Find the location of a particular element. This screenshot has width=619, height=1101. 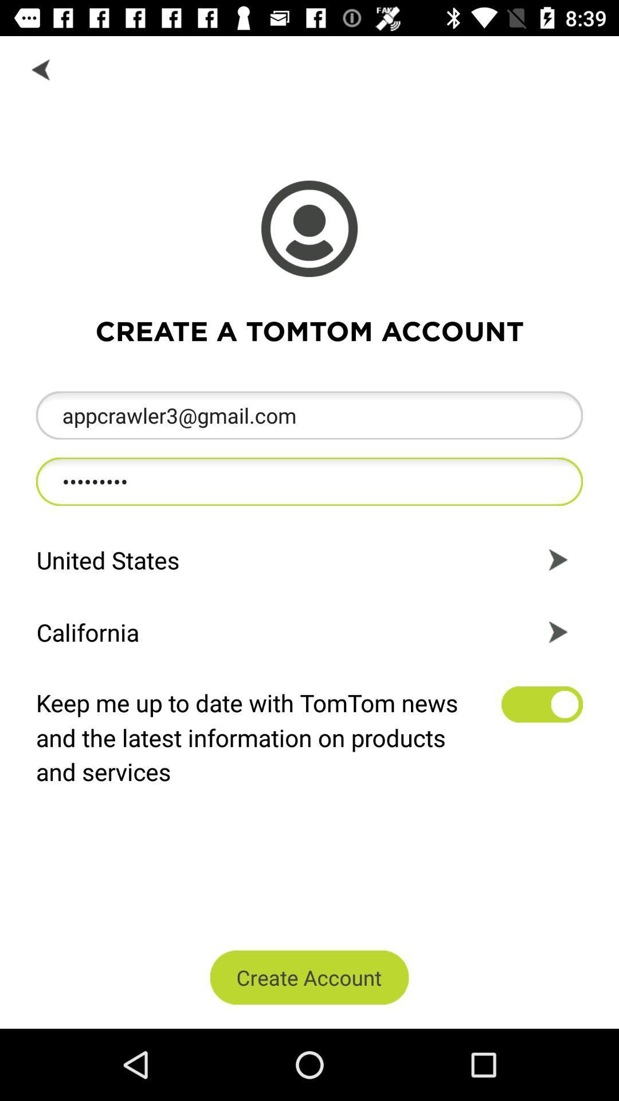

go back is located at coordinates (41, 68).